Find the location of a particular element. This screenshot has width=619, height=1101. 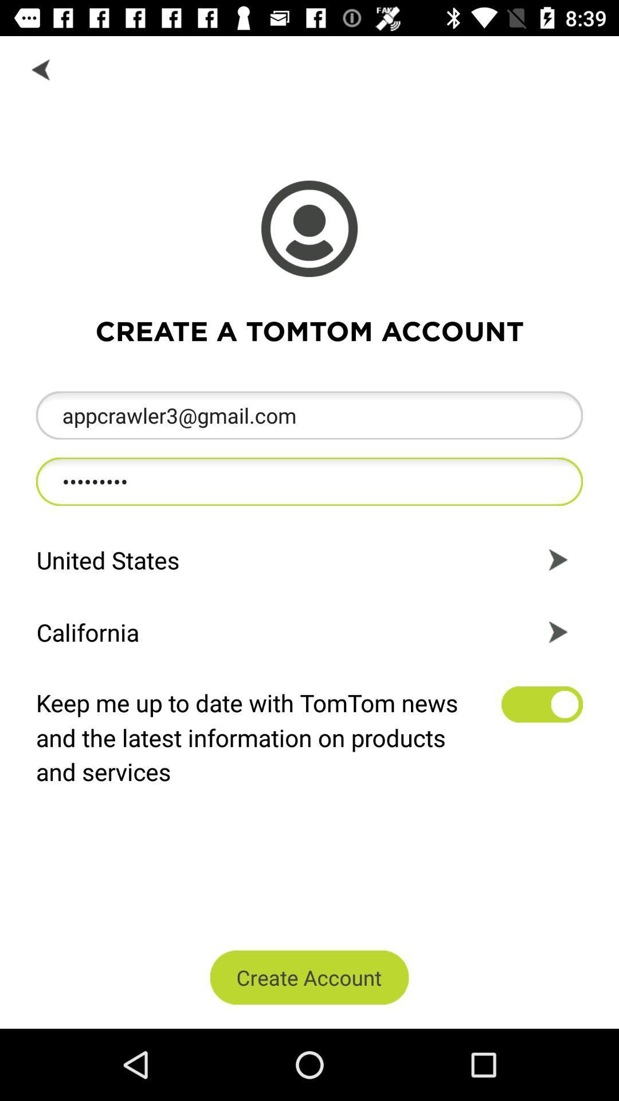

go back is located at coordinates (41, 68).